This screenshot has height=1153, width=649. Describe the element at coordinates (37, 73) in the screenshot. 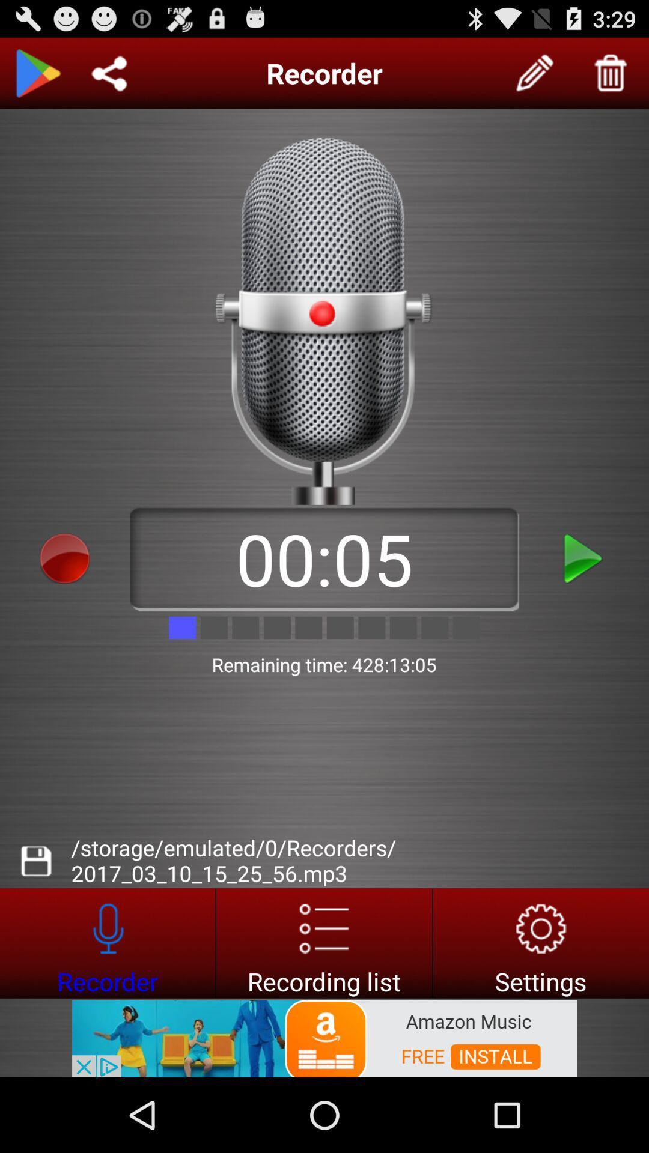

I see `google play store` at that location.